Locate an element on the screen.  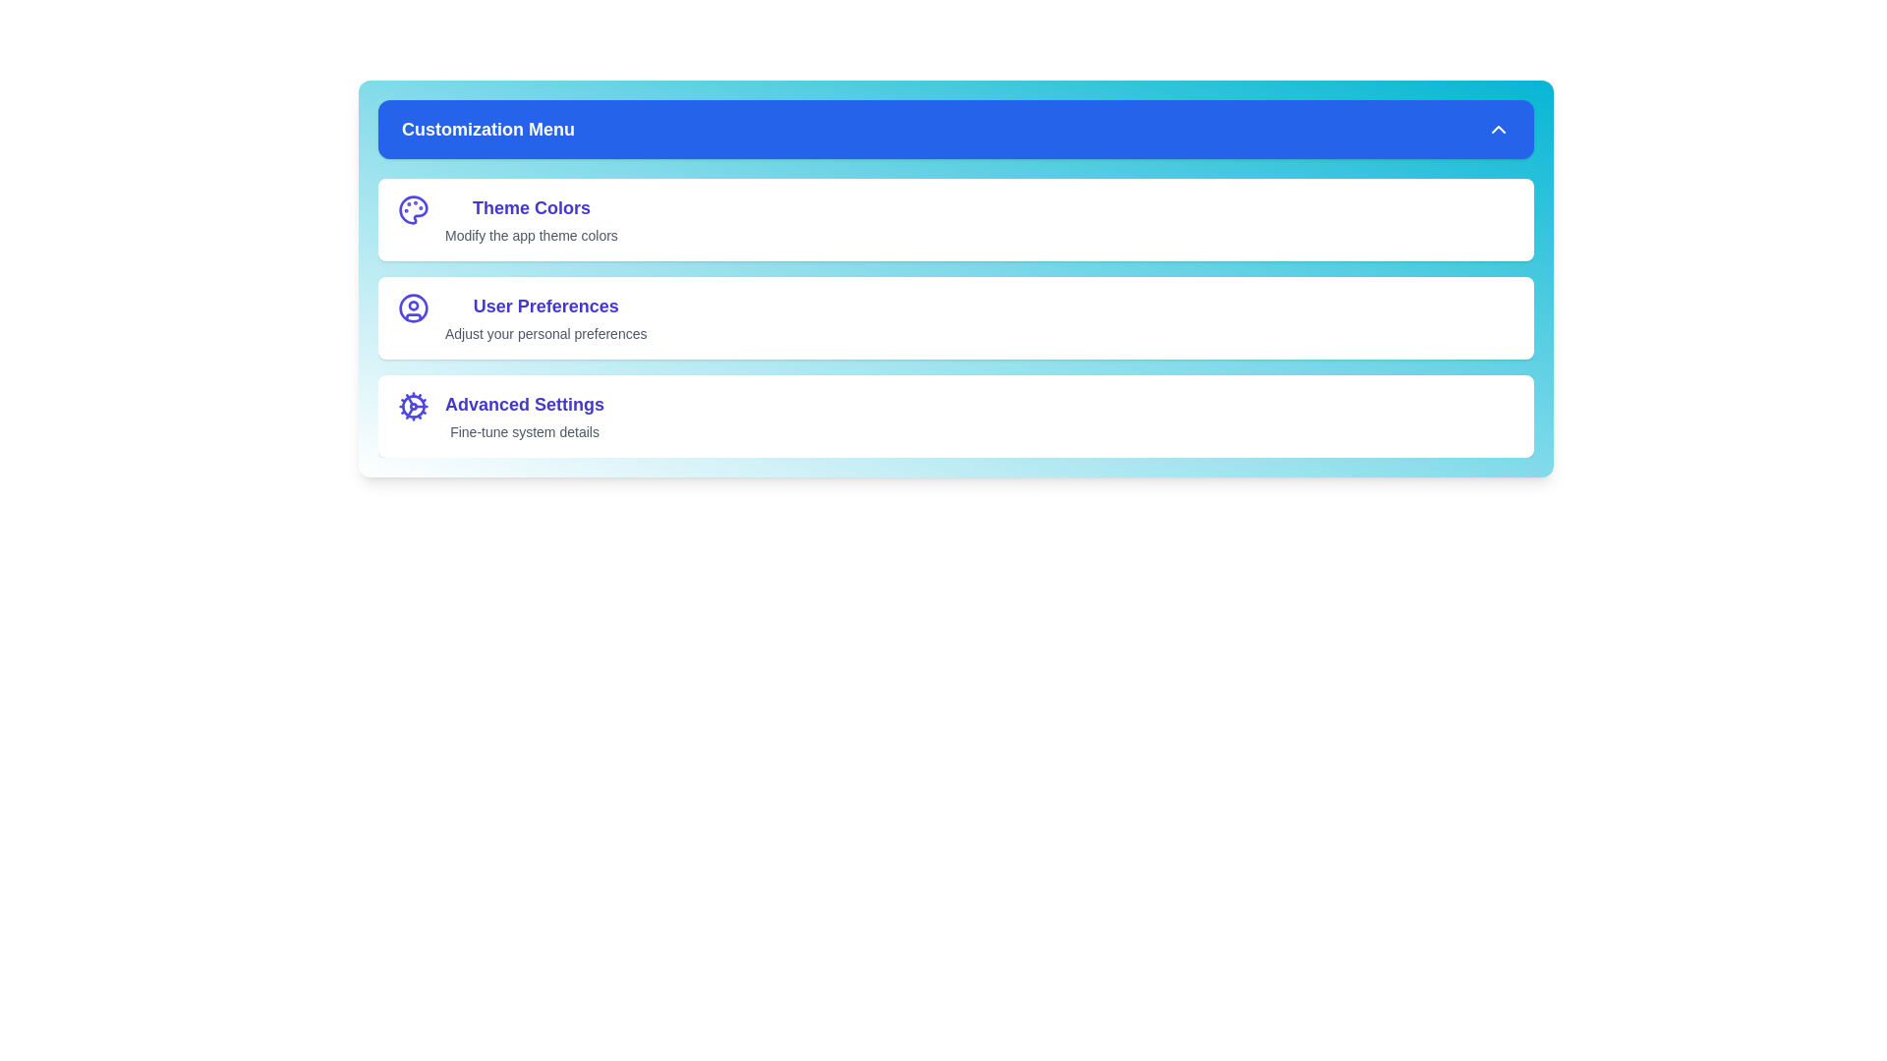
the customization option labeled User Preferences is located at coordinates (956, 317).